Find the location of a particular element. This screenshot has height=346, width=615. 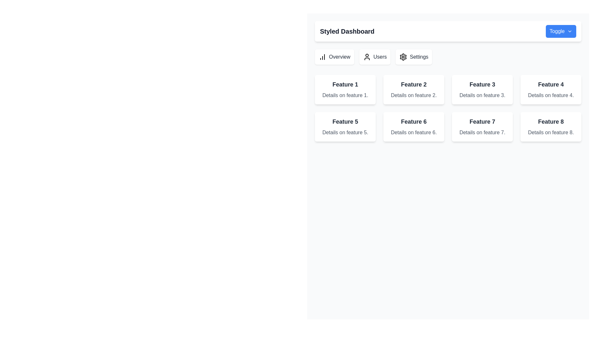

the text label displaying 'Details on feature 7.' which is positioned below the heading 'Feature 7' in the feature grid is located at coordinates (482, 132).